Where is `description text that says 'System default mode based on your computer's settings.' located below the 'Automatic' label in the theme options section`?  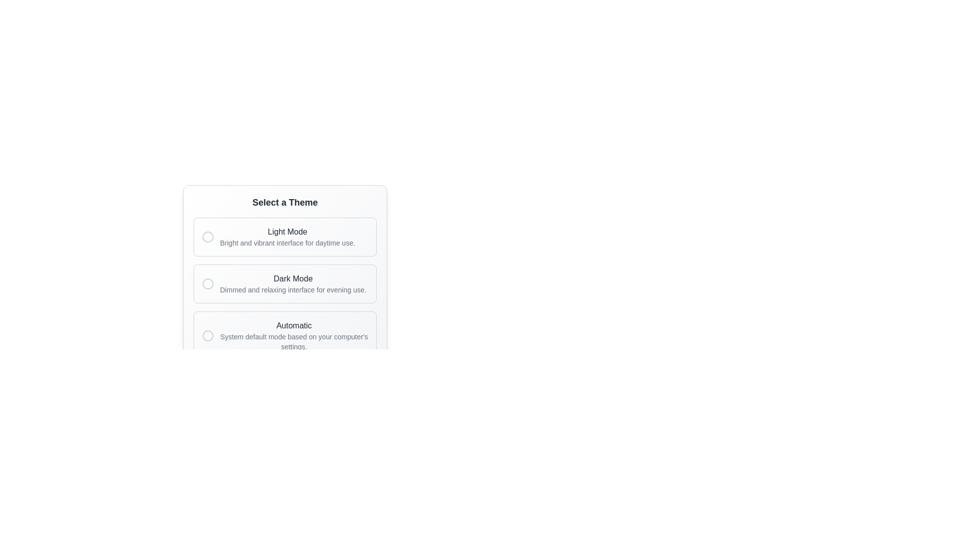
description text that says 'System default mode based on your computer's settings.' located below the 'Automatic' label in the theme options section is located at coordinates (293, 341).